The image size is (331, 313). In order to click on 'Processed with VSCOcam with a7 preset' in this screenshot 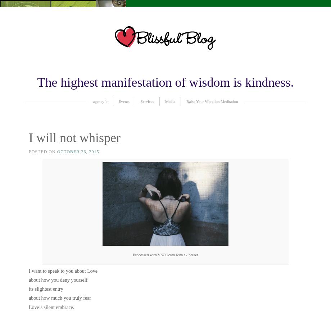, I will do `click(165, 255)`.